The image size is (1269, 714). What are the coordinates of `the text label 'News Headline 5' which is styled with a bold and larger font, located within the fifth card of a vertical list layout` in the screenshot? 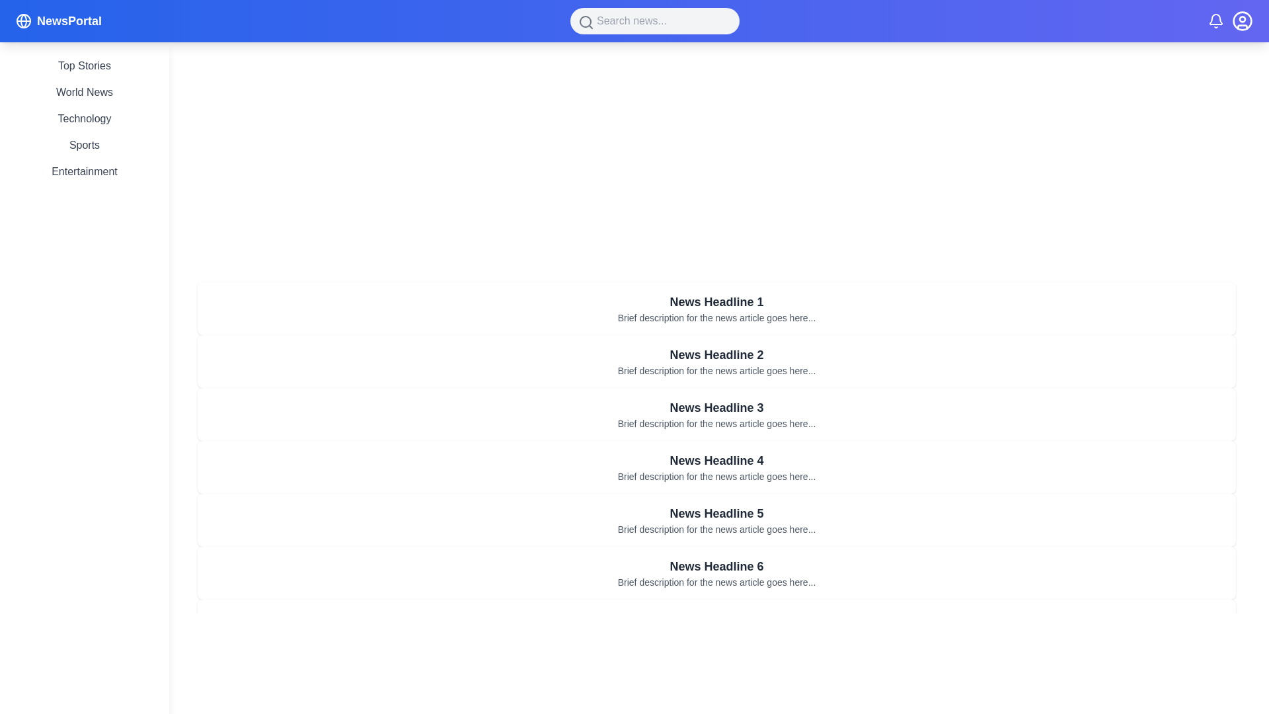 It's located at (716, 512).